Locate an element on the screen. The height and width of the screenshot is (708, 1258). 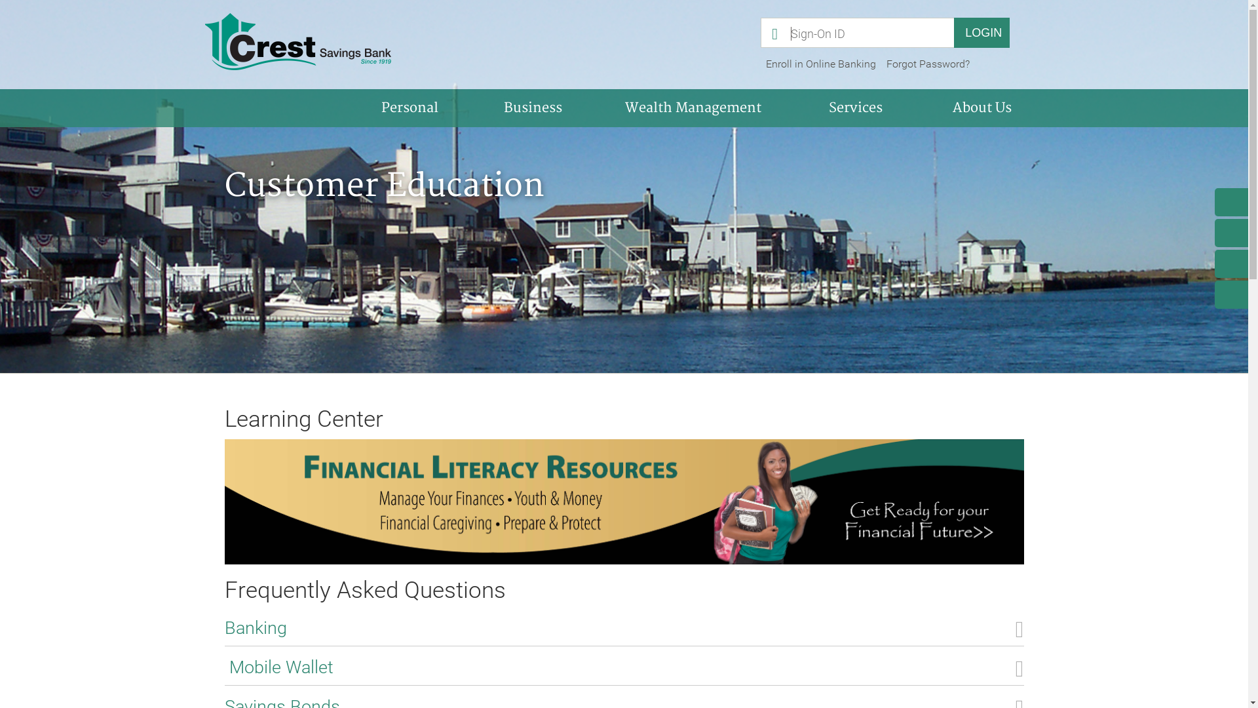
'Financial Literacy' is located at coordinates (622, 501).